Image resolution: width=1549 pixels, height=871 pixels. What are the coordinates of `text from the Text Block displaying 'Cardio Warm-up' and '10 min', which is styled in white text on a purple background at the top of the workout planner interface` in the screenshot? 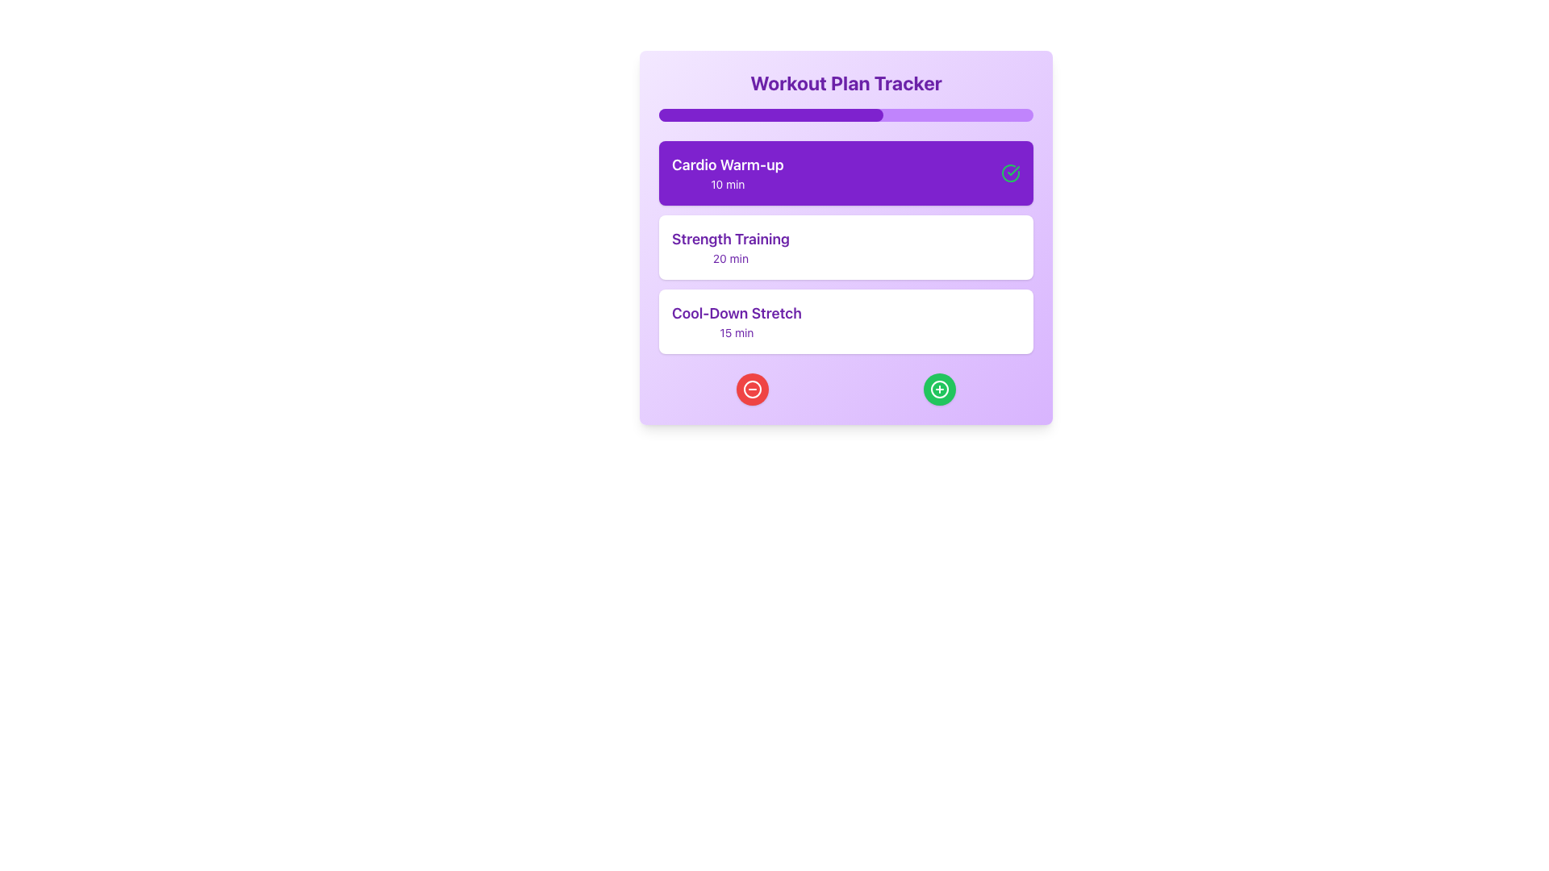 It's located at (727, 173).